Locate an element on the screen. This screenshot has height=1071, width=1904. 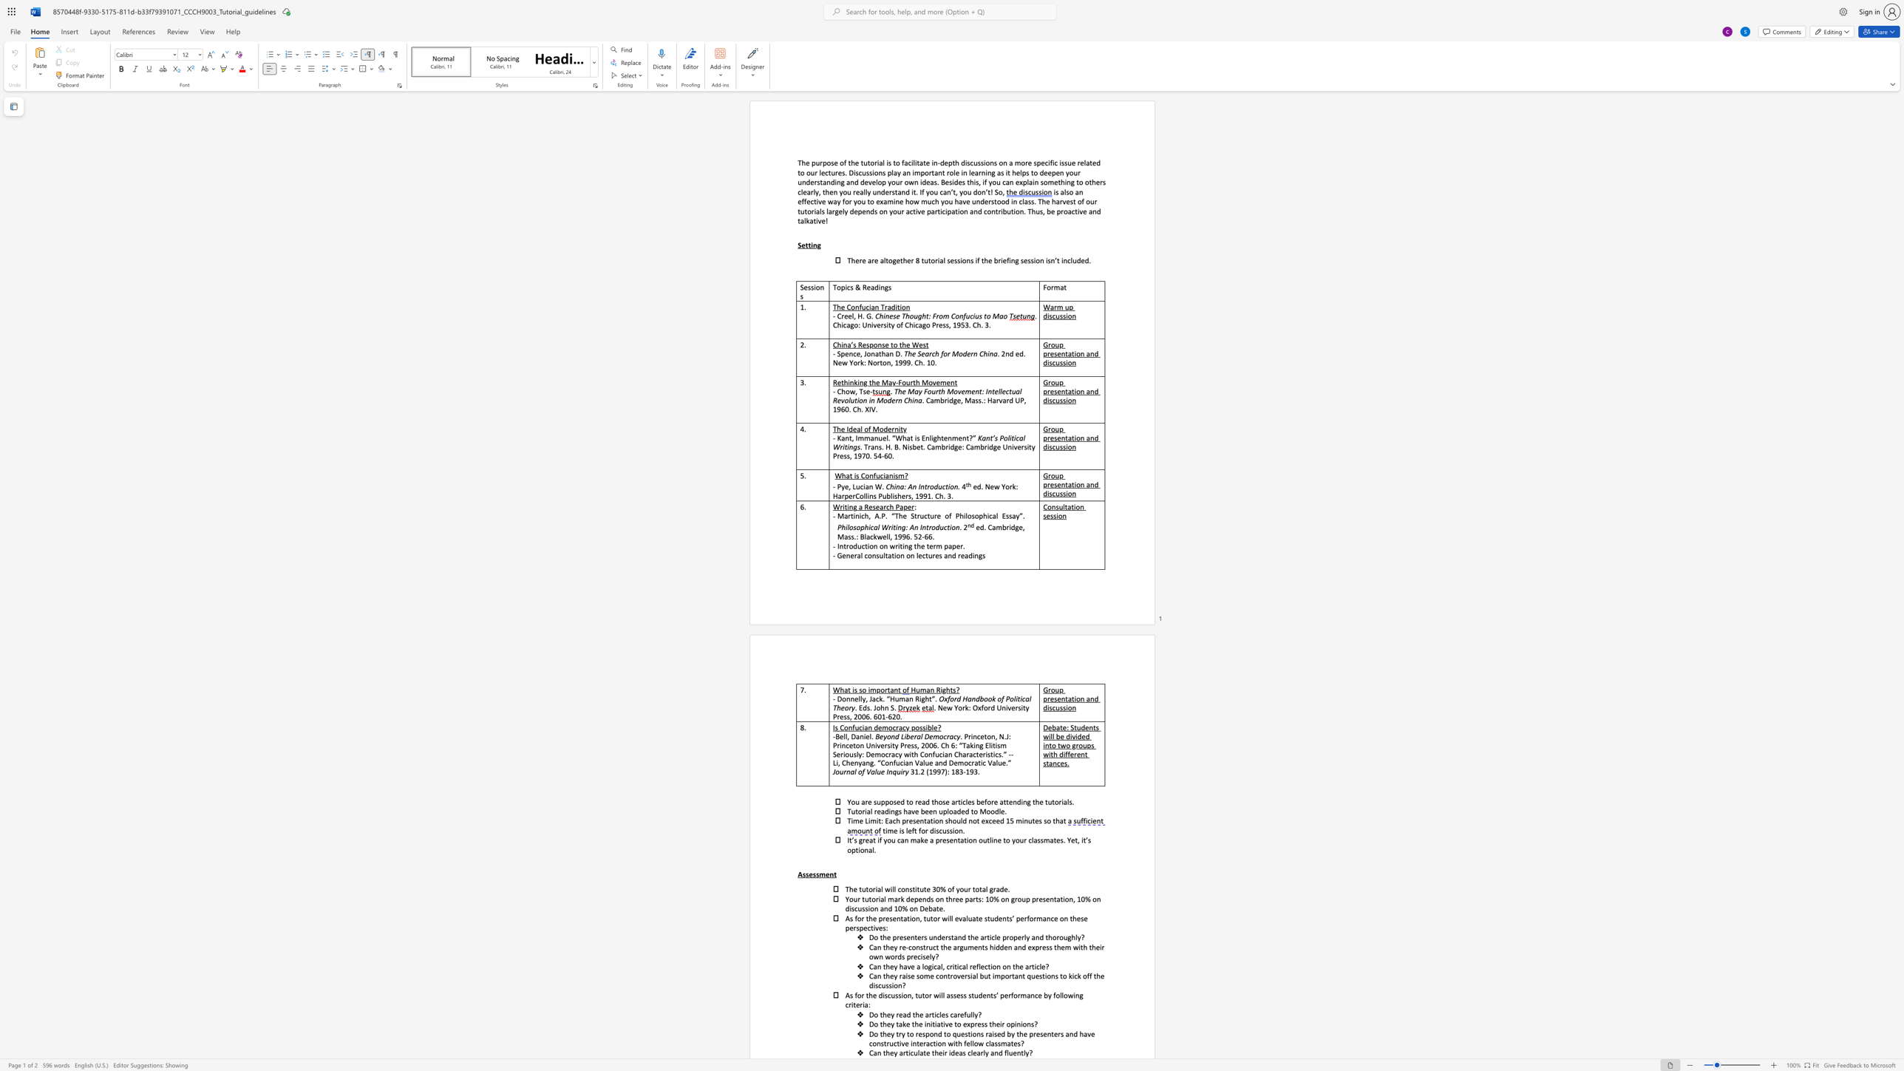
the subset text "“Hu" within the text "- Donnelly, Jack. “Human Right" is located at coordinates (886, 698).